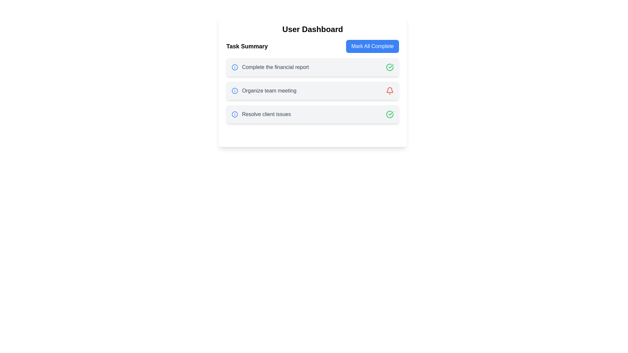  Describe the element at coordinates (235, 91) in the screenshot. I see `the SVG Circle element that serves as the background for the icon representing 'Organize team meeting' located in the second row of the list` at that location.